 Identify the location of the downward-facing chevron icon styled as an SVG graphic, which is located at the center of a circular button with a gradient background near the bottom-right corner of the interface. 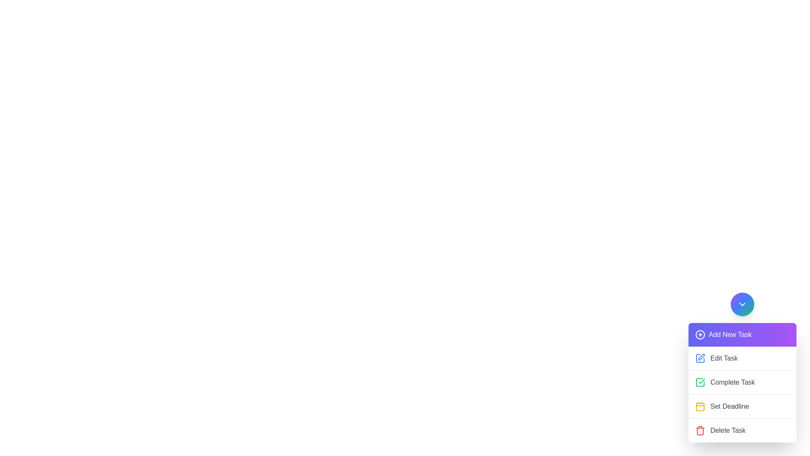
(742, 304).